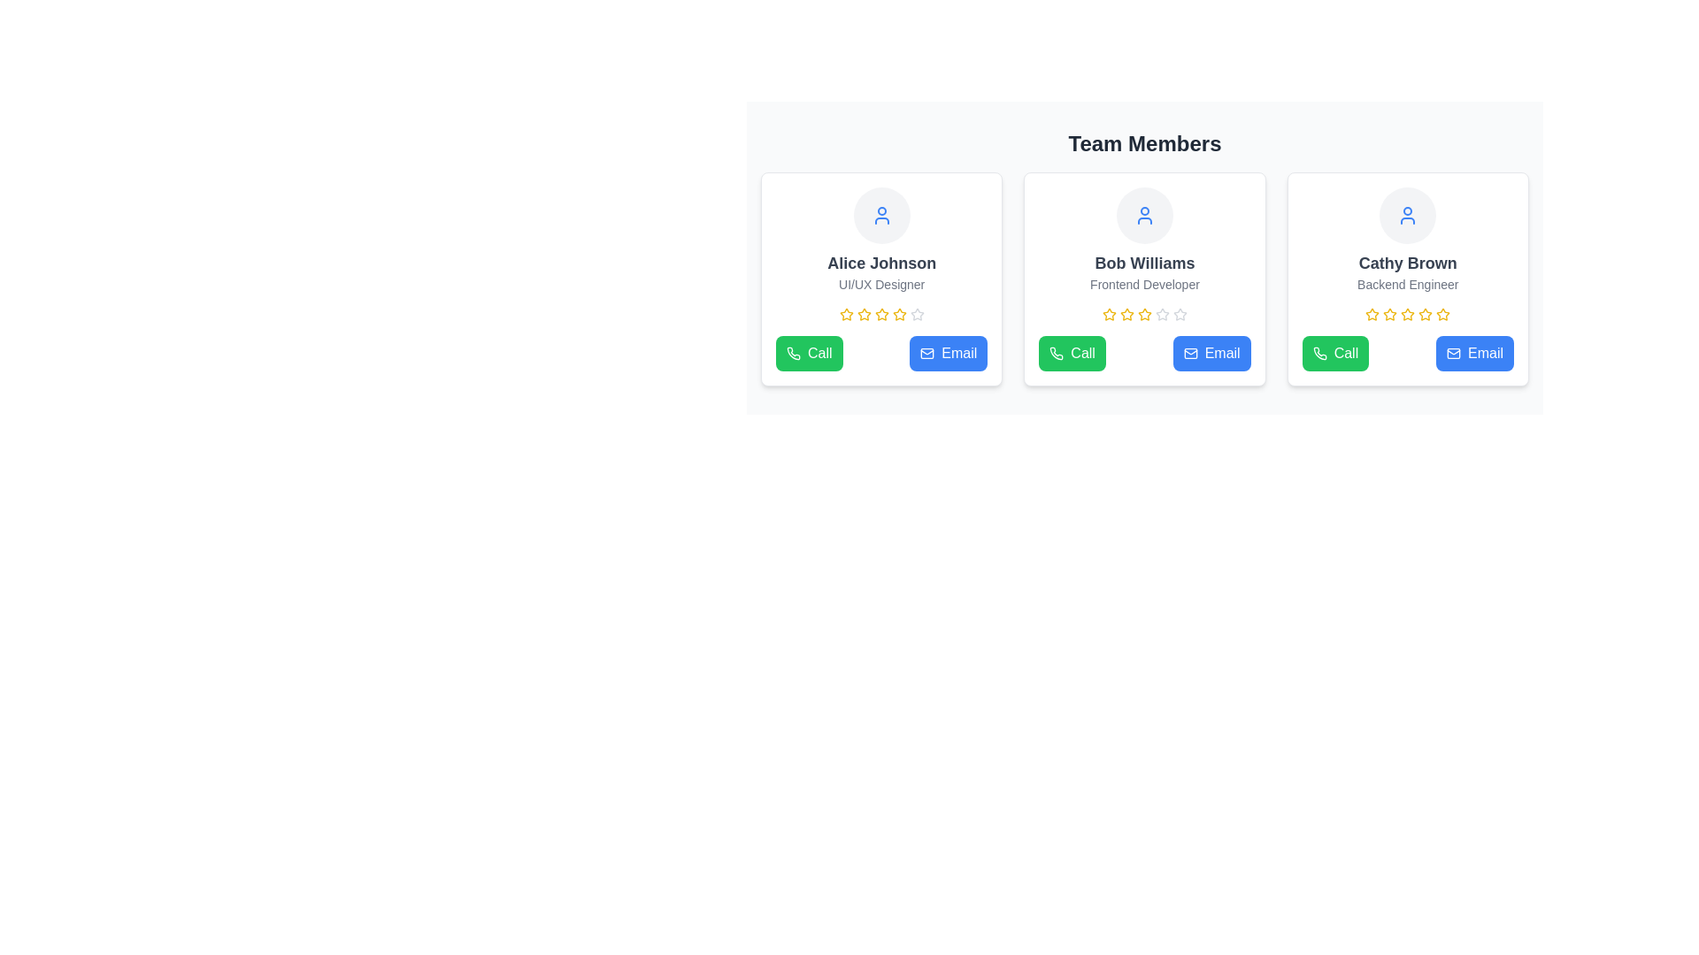  I want to click on the Profile Icon representing user 'Alice Johnson', which is a circular icon with a blue color and gray background located in the first card of the team member list, so click(881, 214).